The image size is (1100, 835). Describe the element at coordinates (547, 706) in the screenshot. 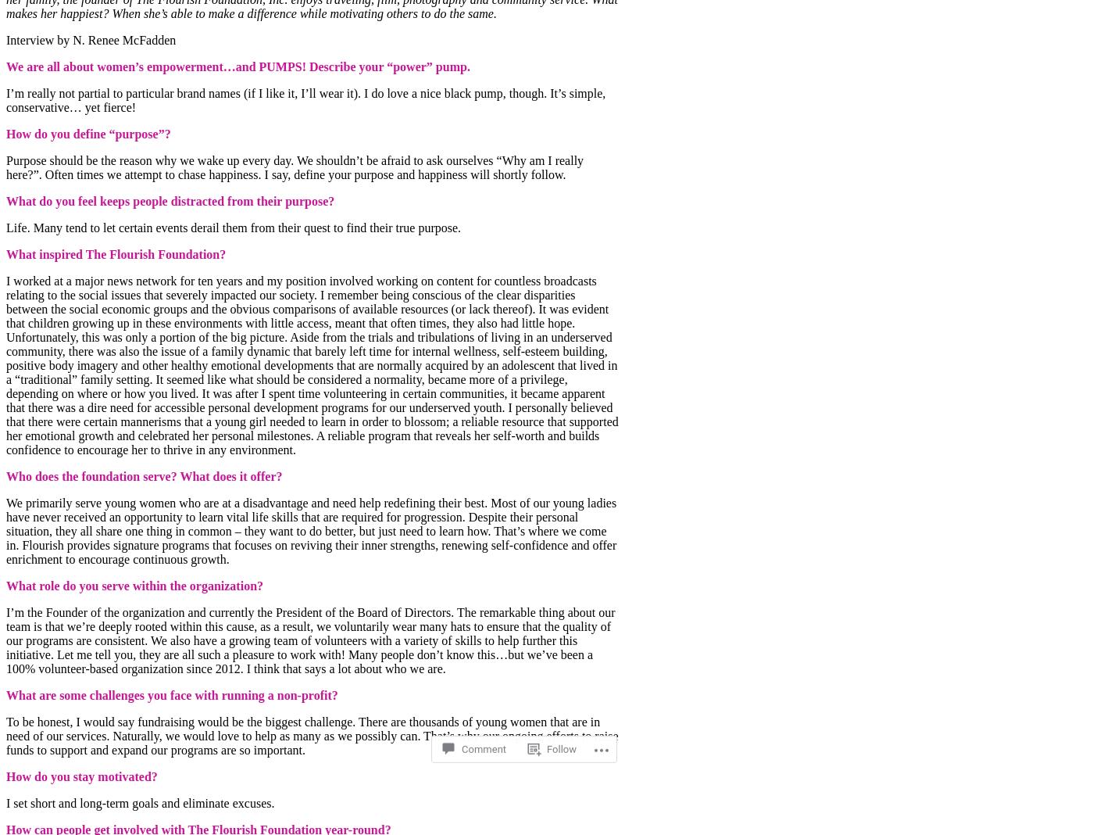

I see `'Follow'` at that location.